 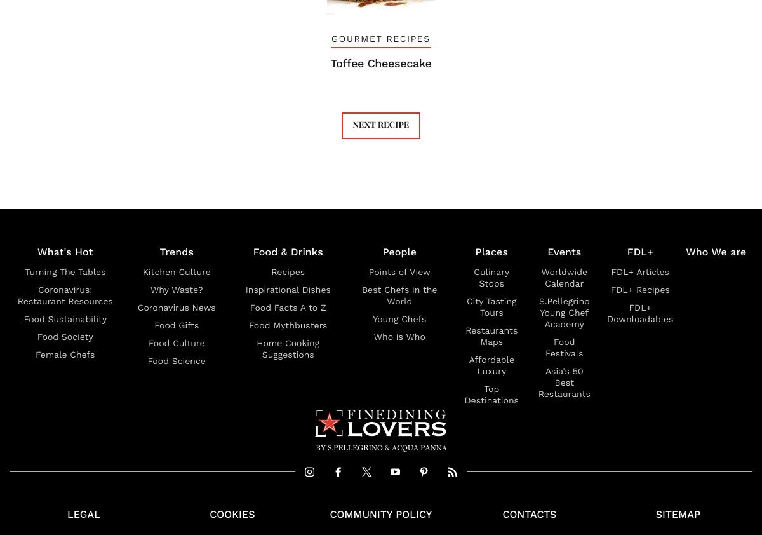 I want to click on 'Kitchen Culture', so click(x=175, y=271).